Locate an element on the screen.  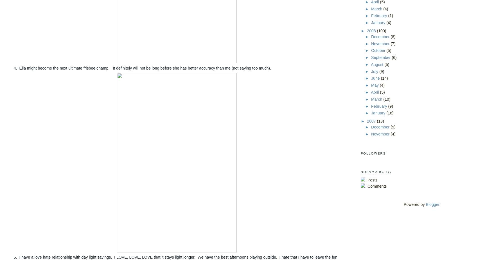
'Posts' is located at coordinates (372, 180).